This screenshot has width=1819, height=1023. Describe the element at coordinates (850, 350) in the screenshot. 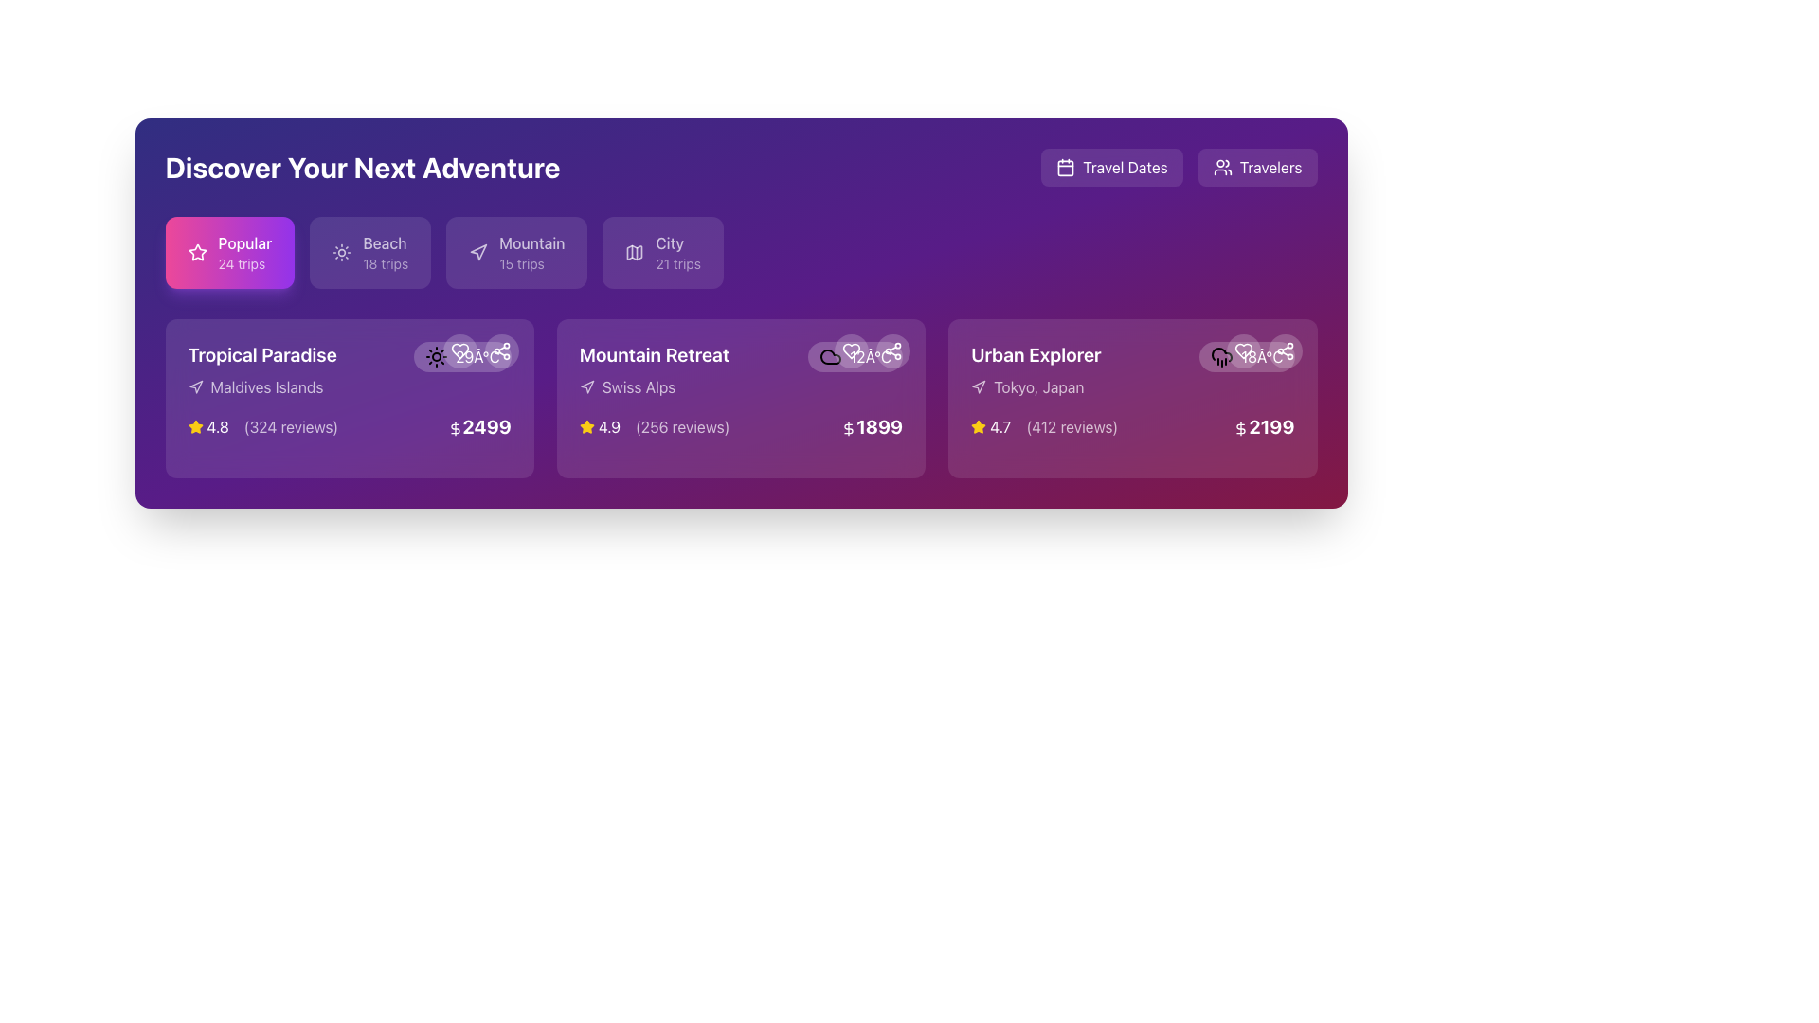

I see `the leftmost button in the group of two circular buttons located in the top-right corner of the 'Mountain Retreat' card to favorite or unfavorite the item` at that location.